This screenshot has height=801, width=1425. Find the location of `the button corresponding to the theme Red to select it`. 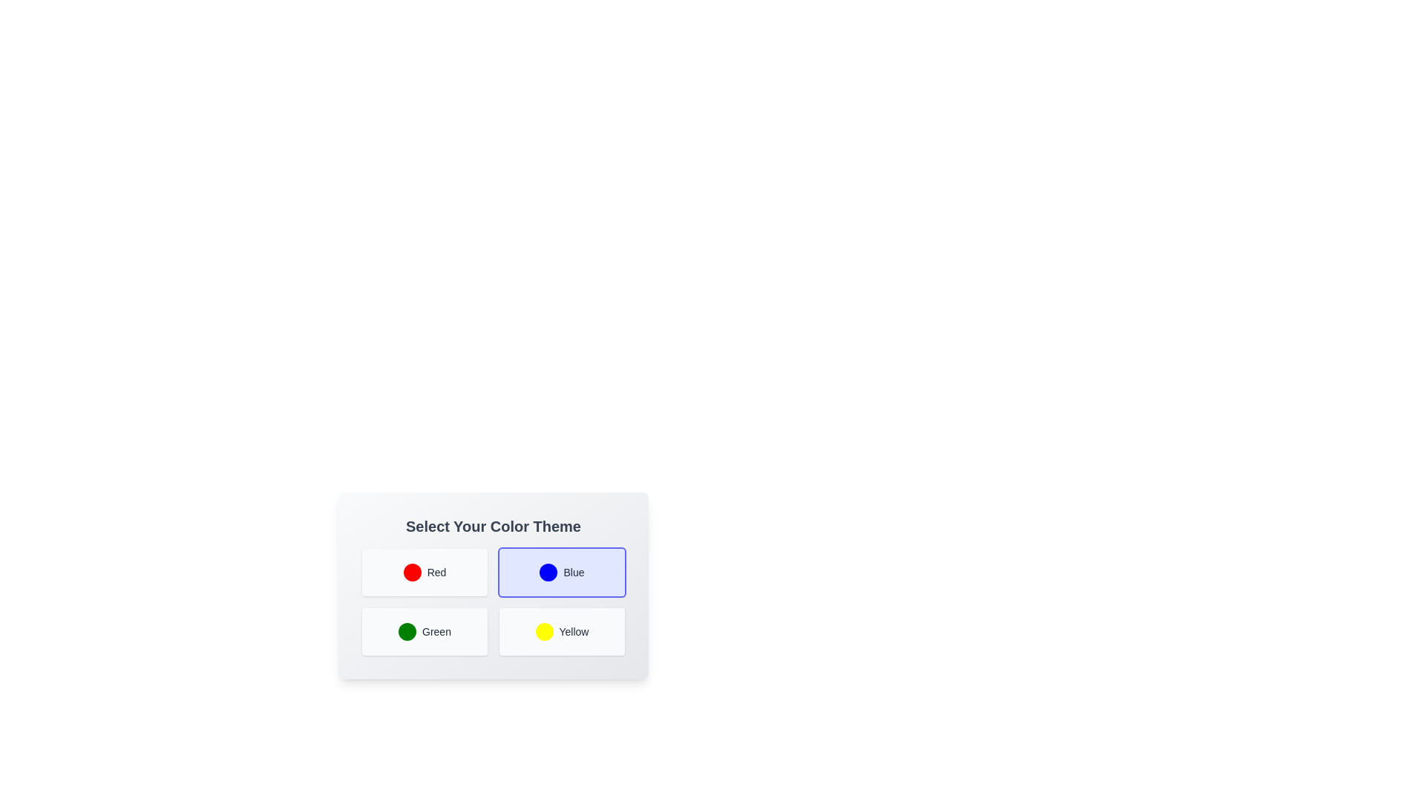

the button corresponding to the theme Red to select it is located at coordinates (424, 571).